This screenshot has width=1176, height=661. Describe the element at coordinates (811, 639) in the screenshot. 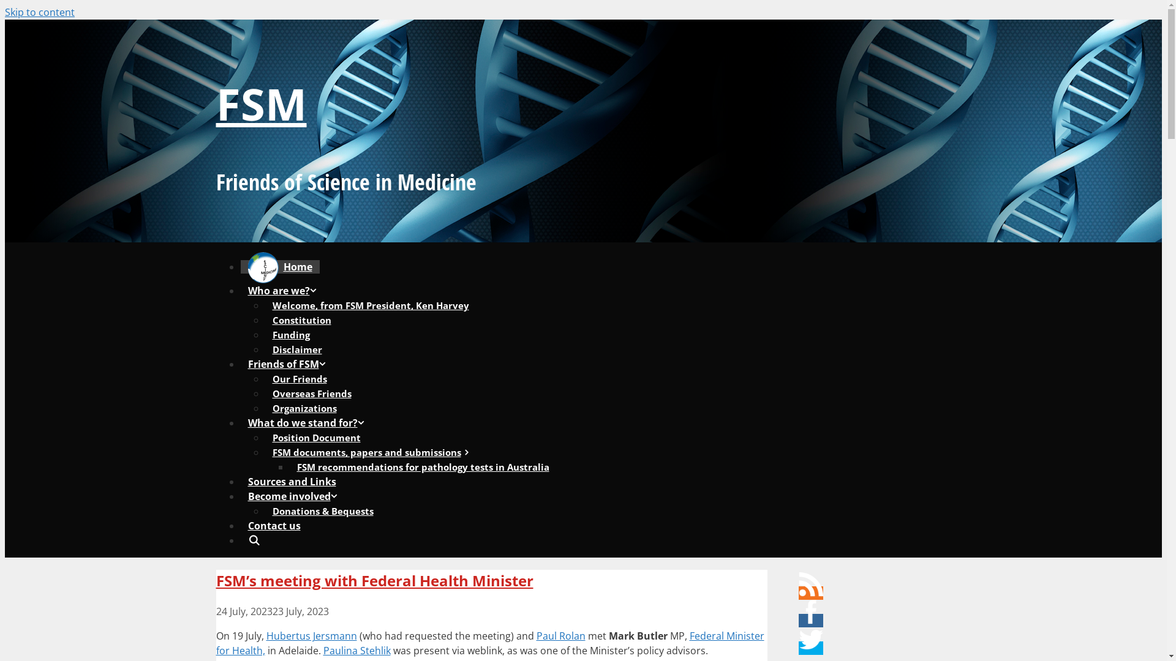

I see `'Twitter'` at that location.